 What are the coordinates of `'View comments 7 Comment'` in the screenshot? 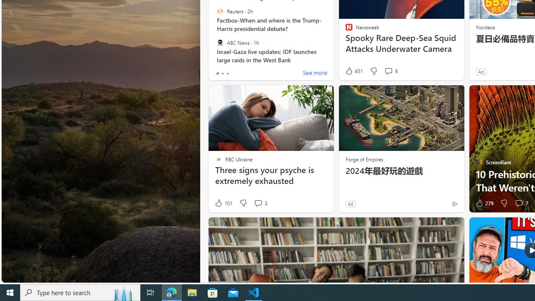 It's located at (521, 203).